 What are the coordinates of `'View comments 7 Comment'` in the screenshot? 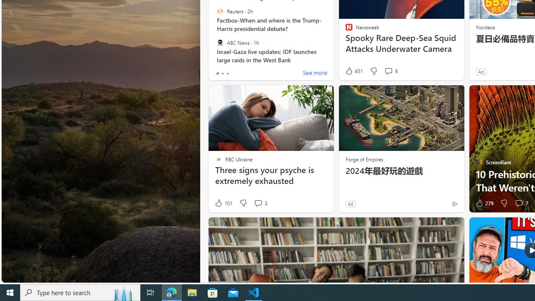 It's located at (521, 203).